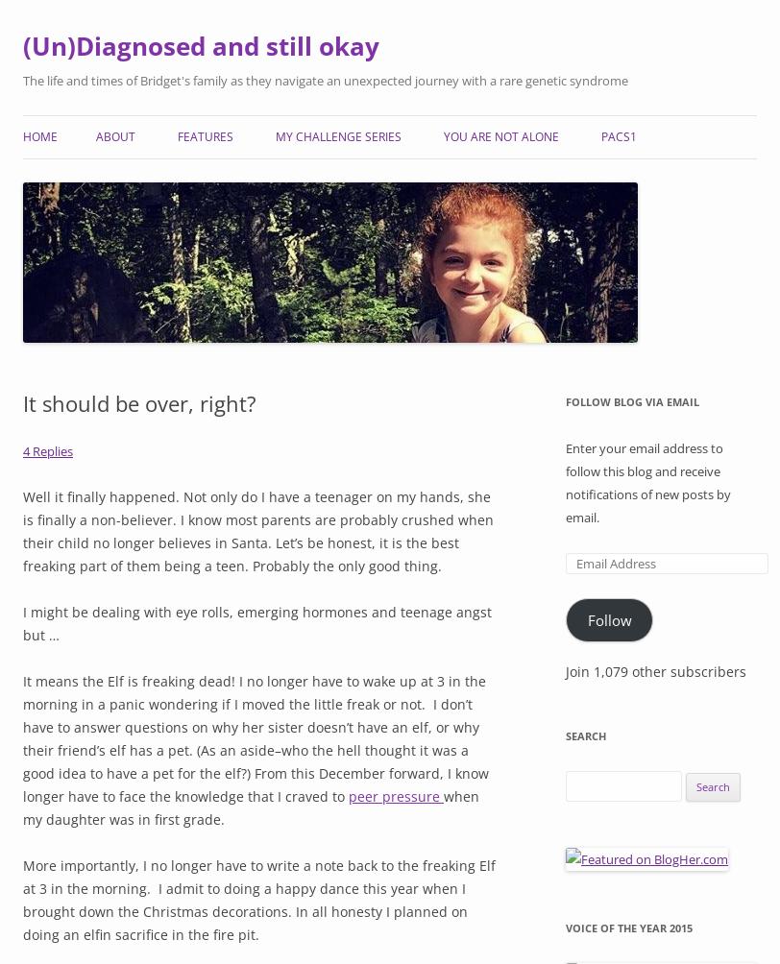 The image size is (780, 964). Describe the element at coordinates (23, 807) in the screenshot. I see `'when my daughter was in first grade.'` at that location.